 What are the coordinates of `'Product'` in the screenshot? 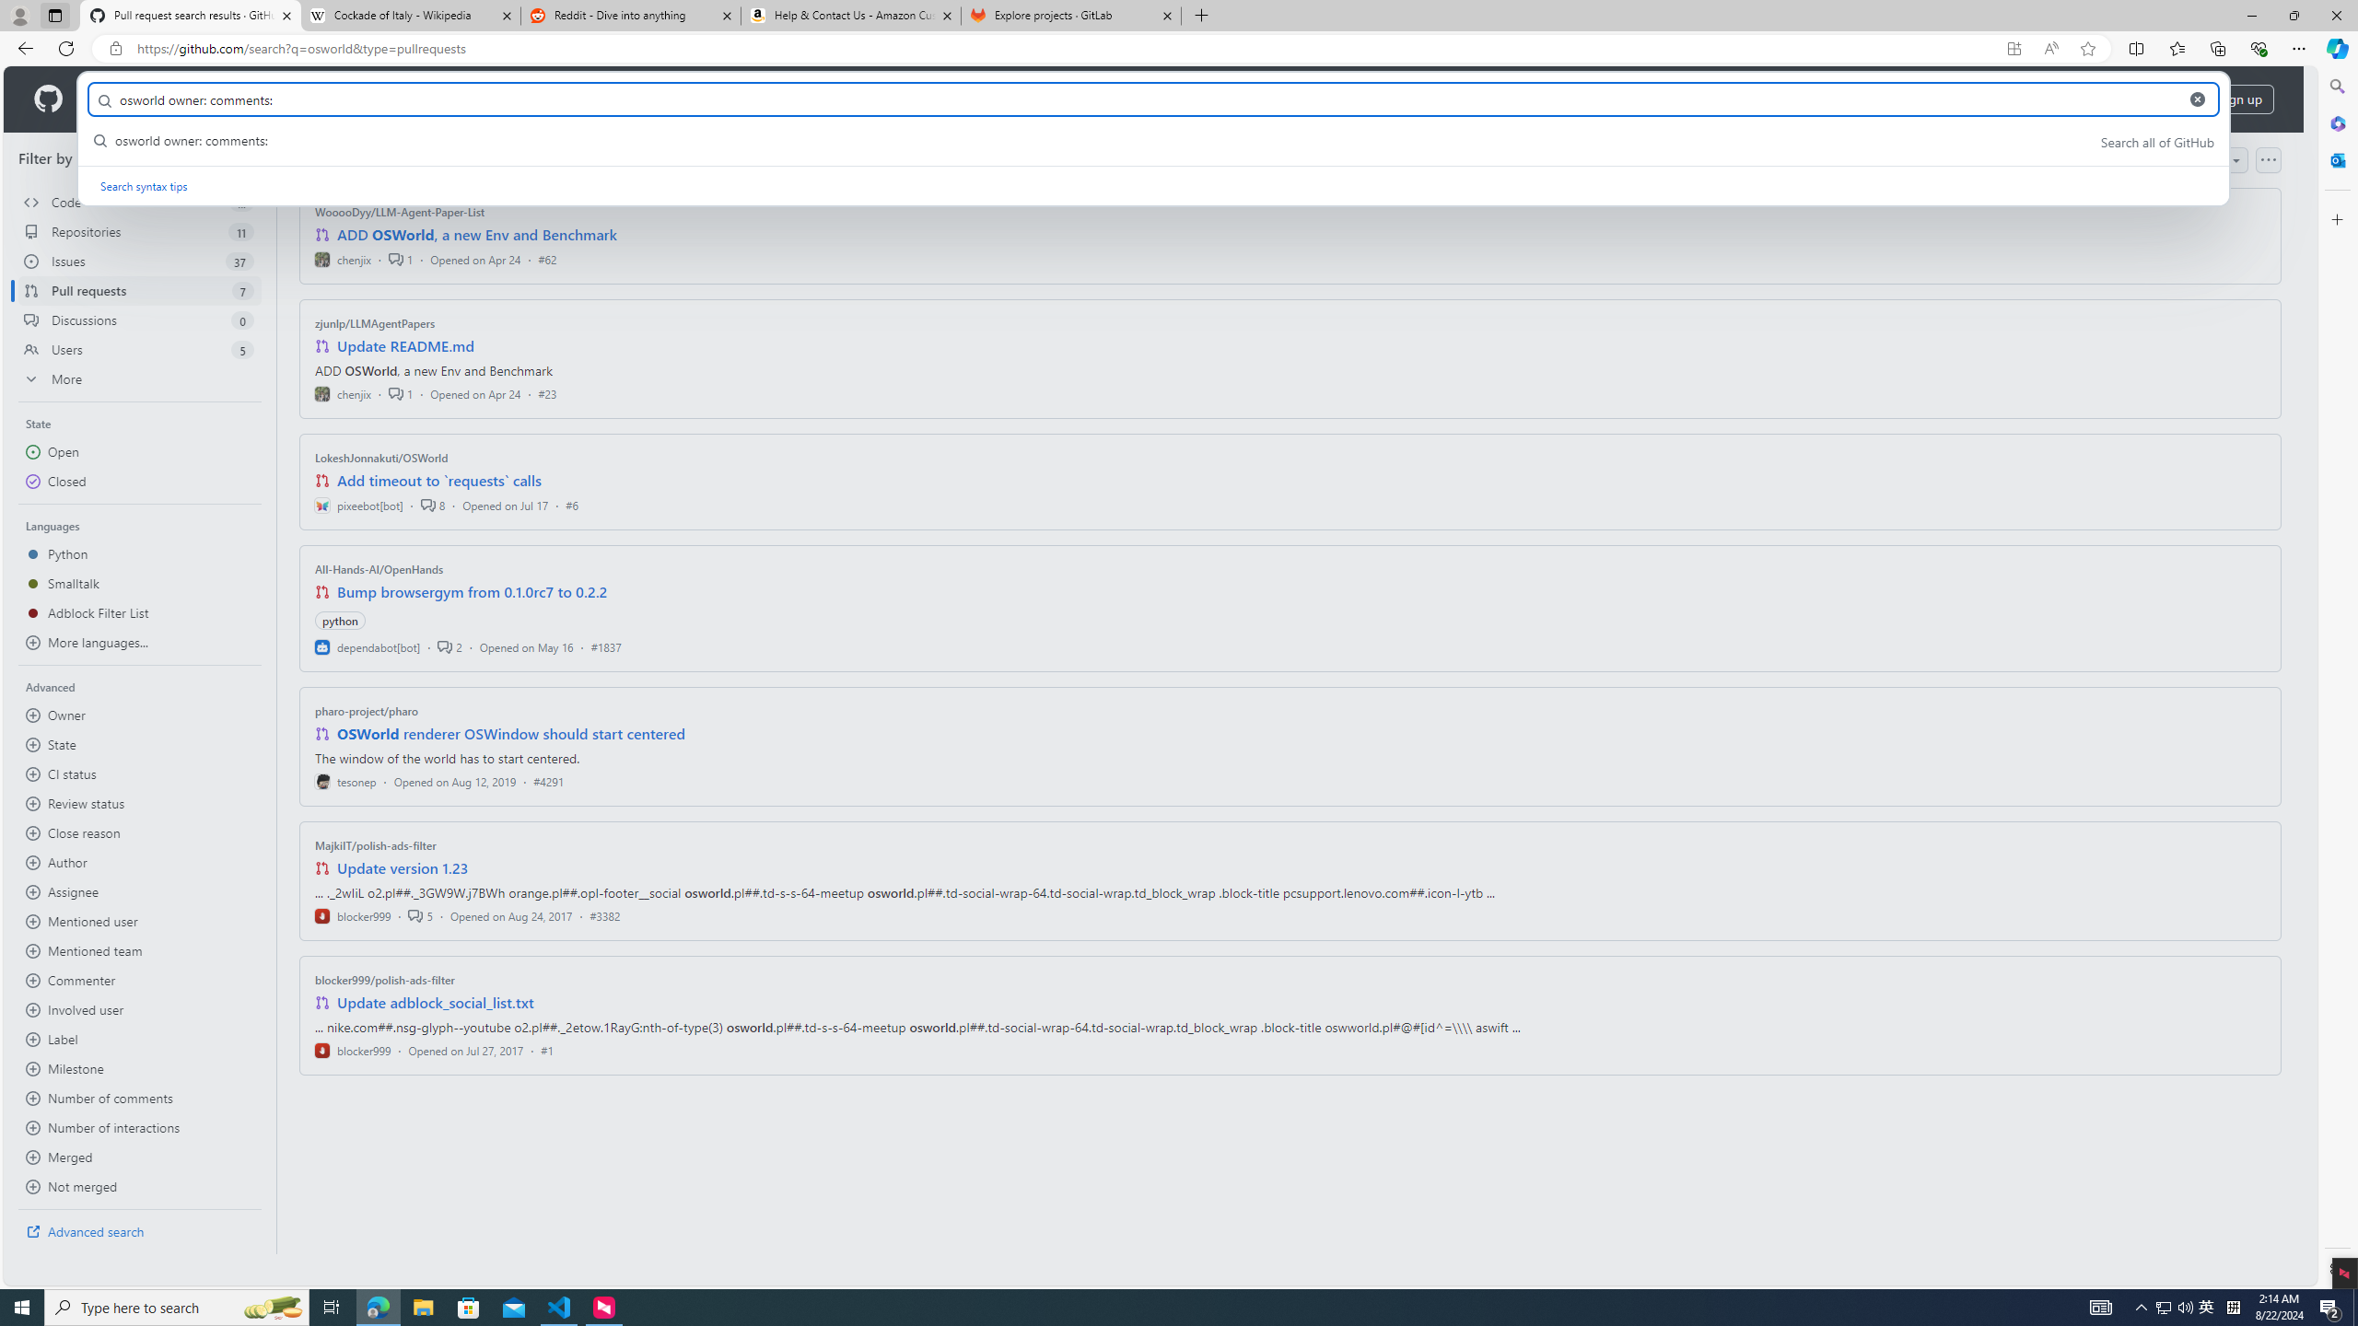 It's located at (120, 99).